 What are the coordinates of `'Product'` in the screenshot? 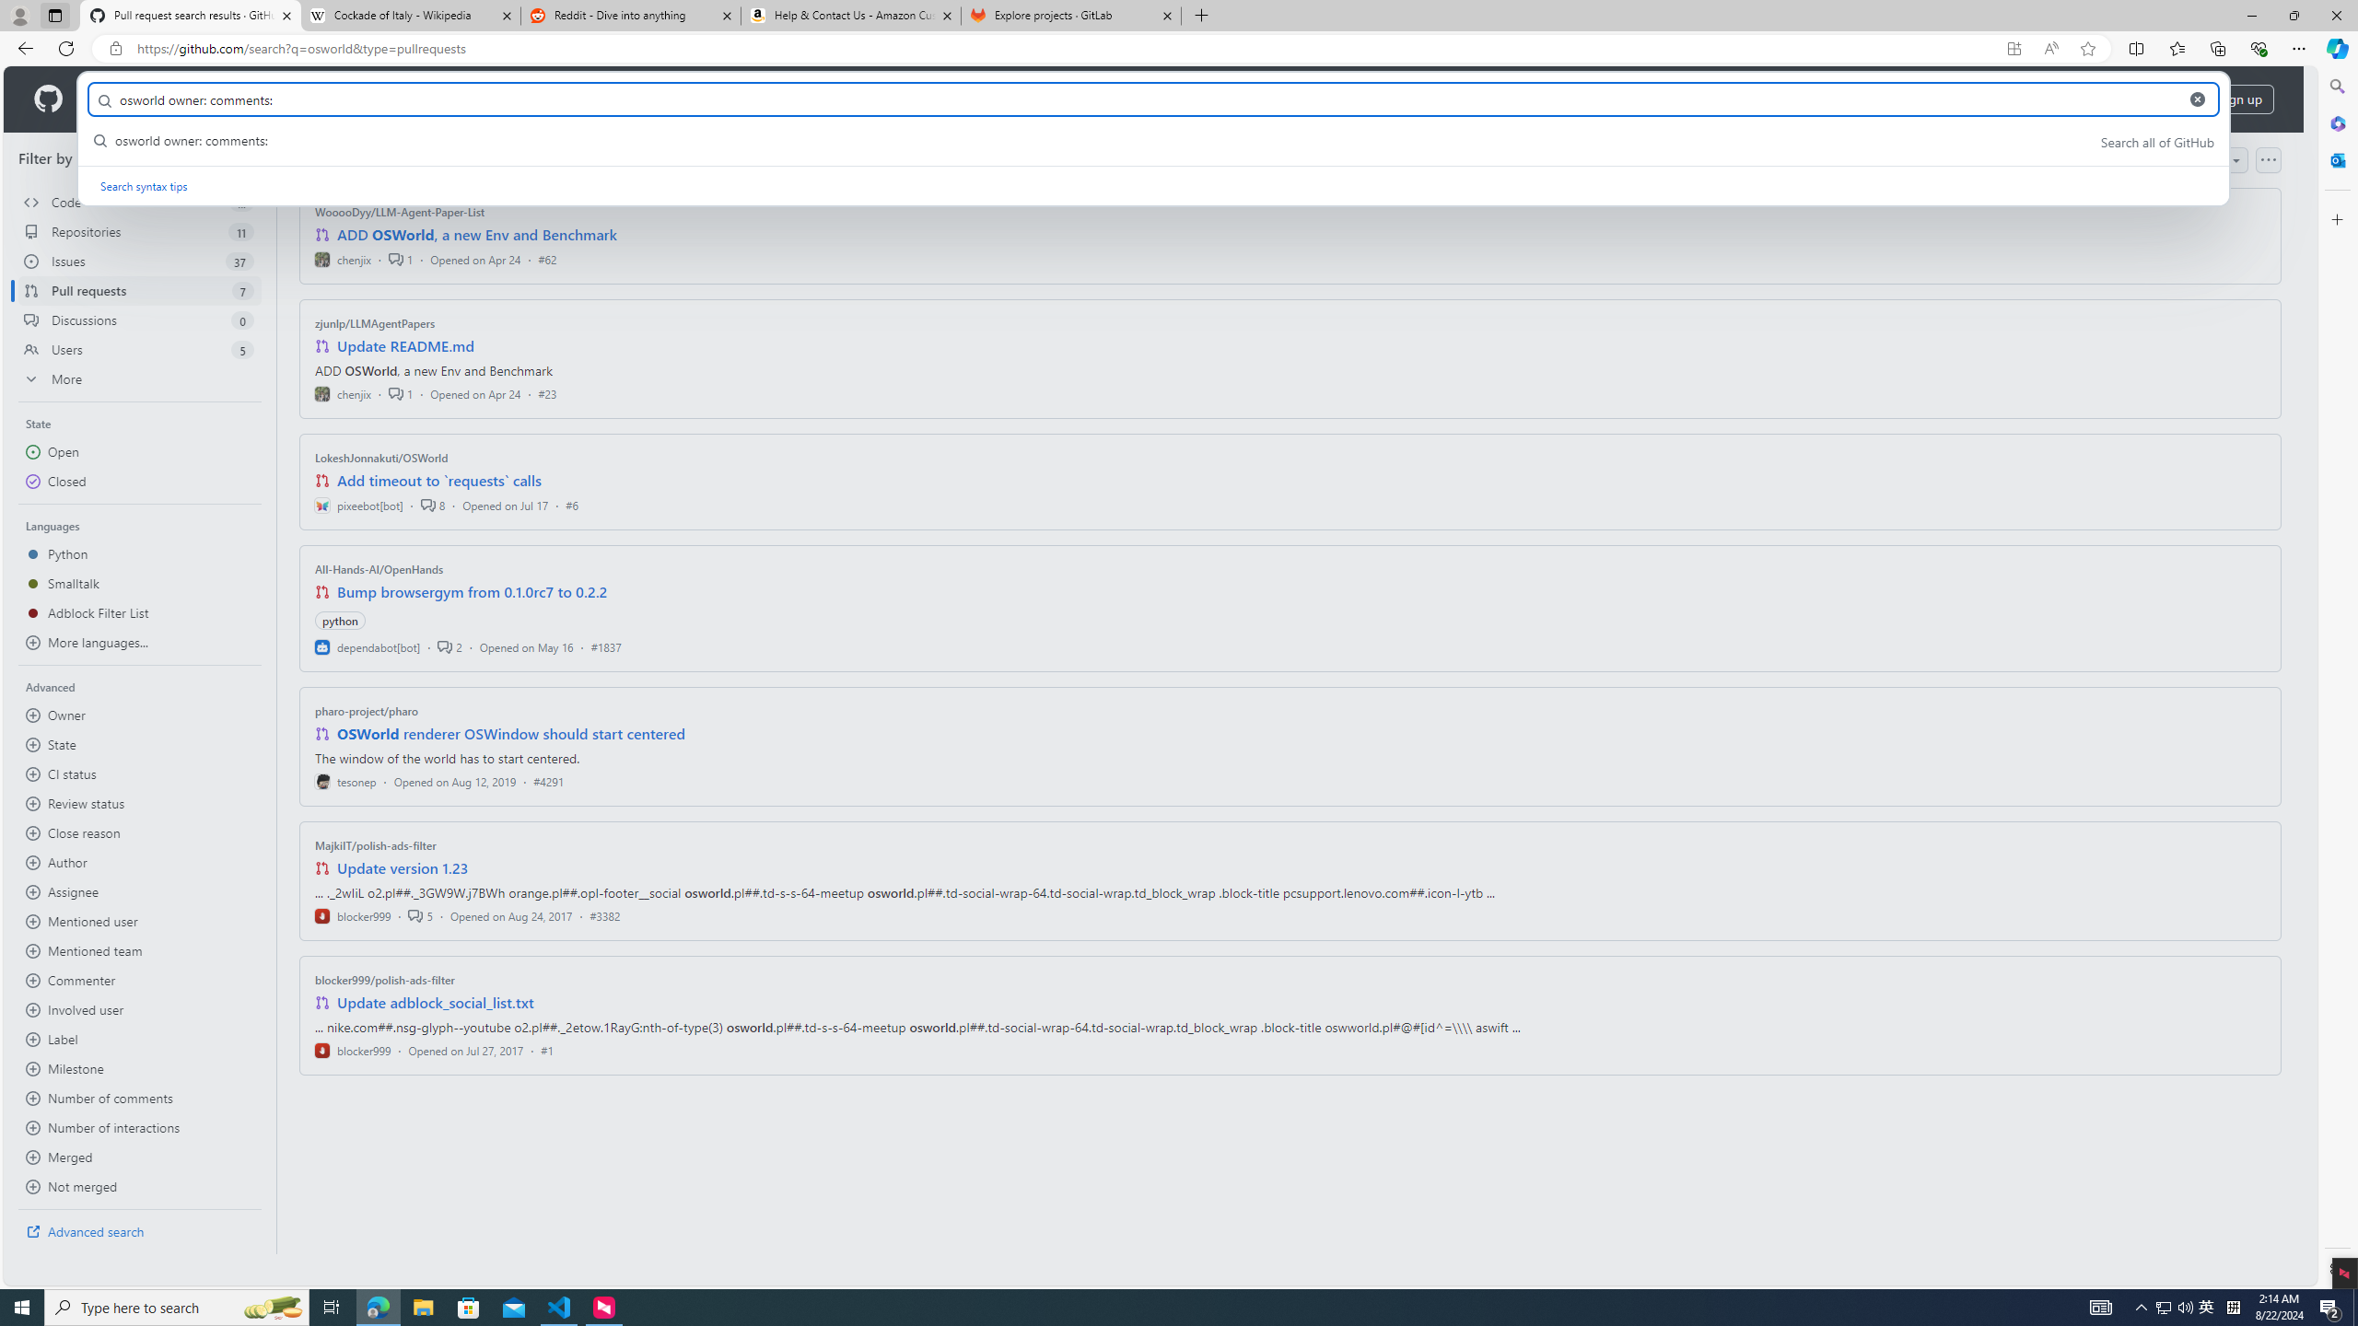 It's located at (120, 99).